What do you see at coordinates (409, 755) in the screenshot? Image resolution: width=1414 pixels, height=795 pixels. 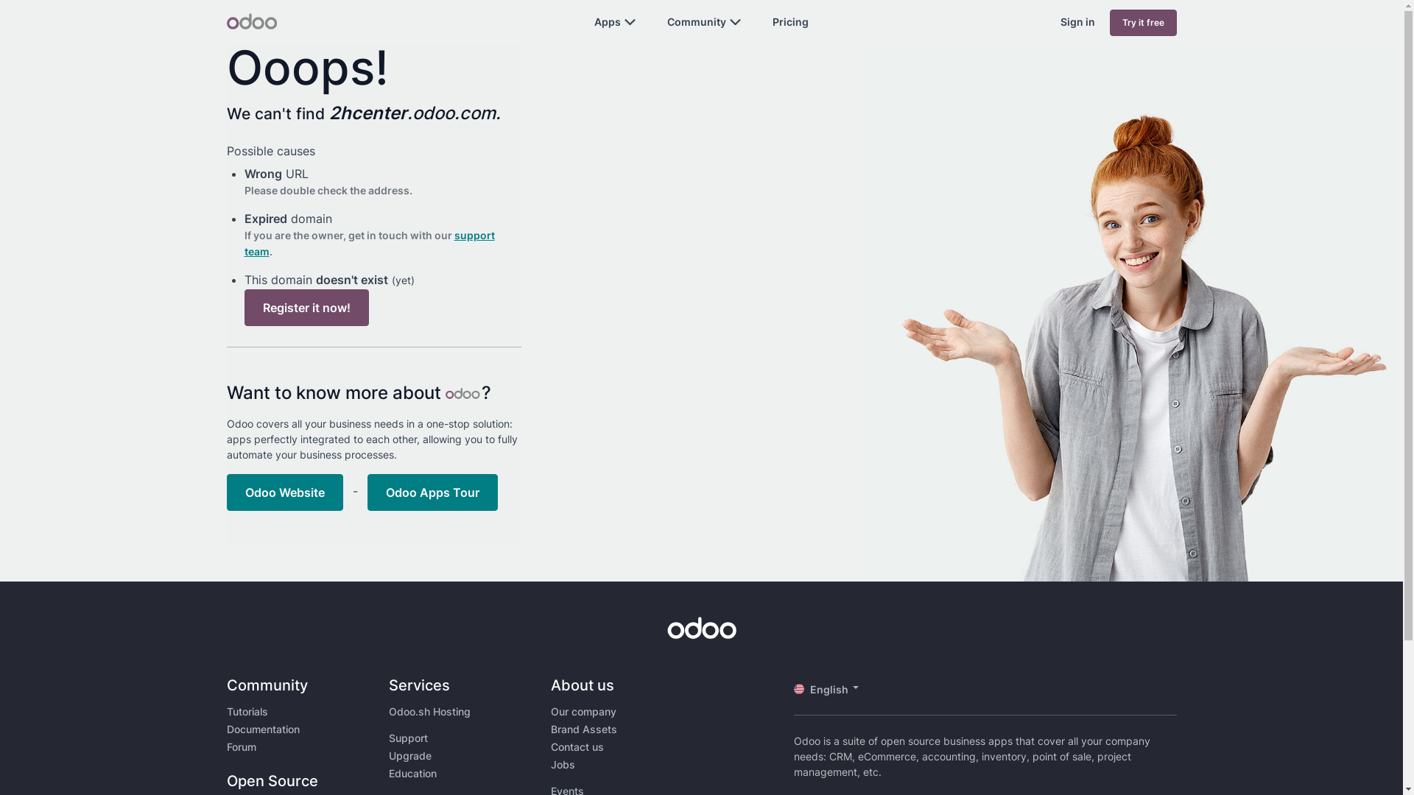 I see `'Upgrade'` at bounding box center [409, 755].